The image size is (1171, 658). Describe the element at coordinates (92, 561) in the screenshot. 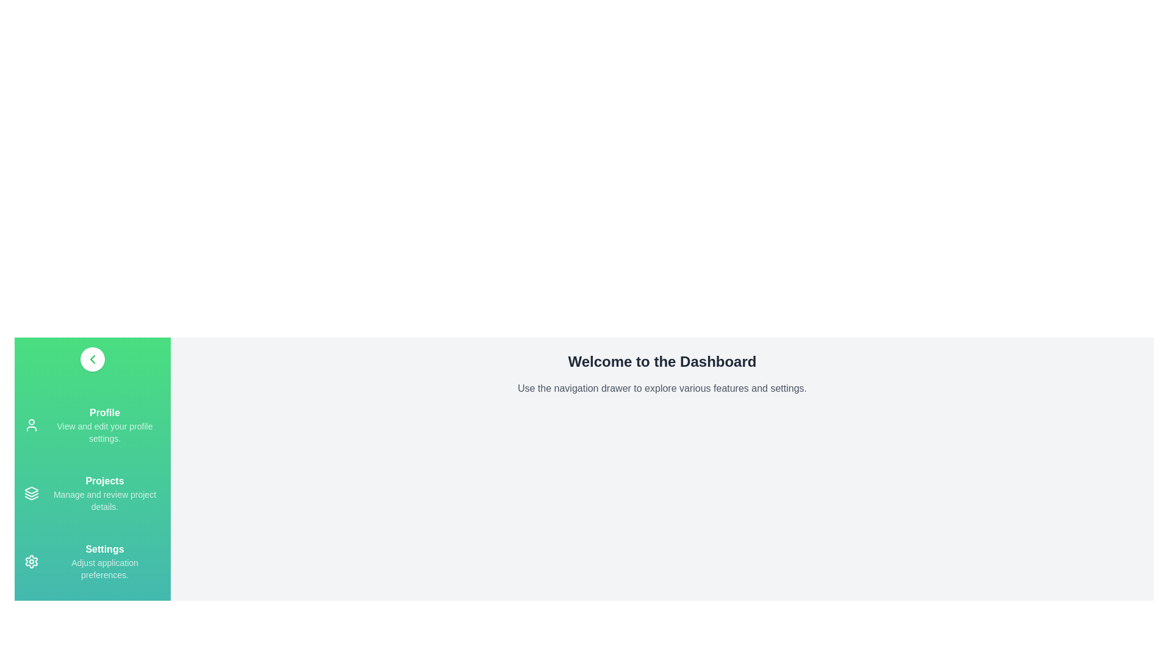

I see `the menu item labeled Settings to view its hover effect` at that location.